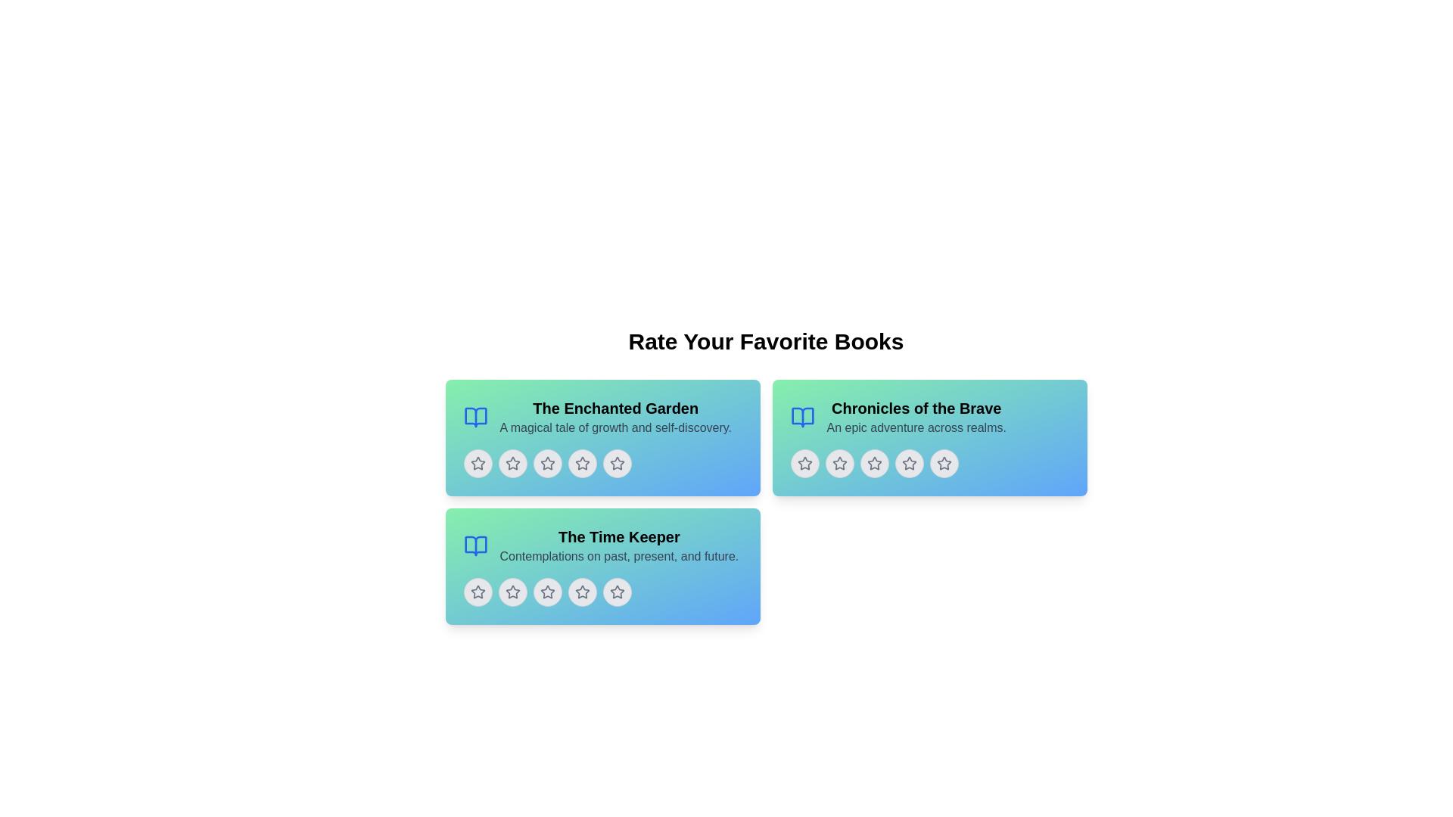 This screenshot has width=1453, height=817. I want to click on the blue open-book icon located at the top-left corner of the card labeled 'The Enchanted Garden', which is positioned directly to the left of the text title and above the star rating components, so click(474, 417).